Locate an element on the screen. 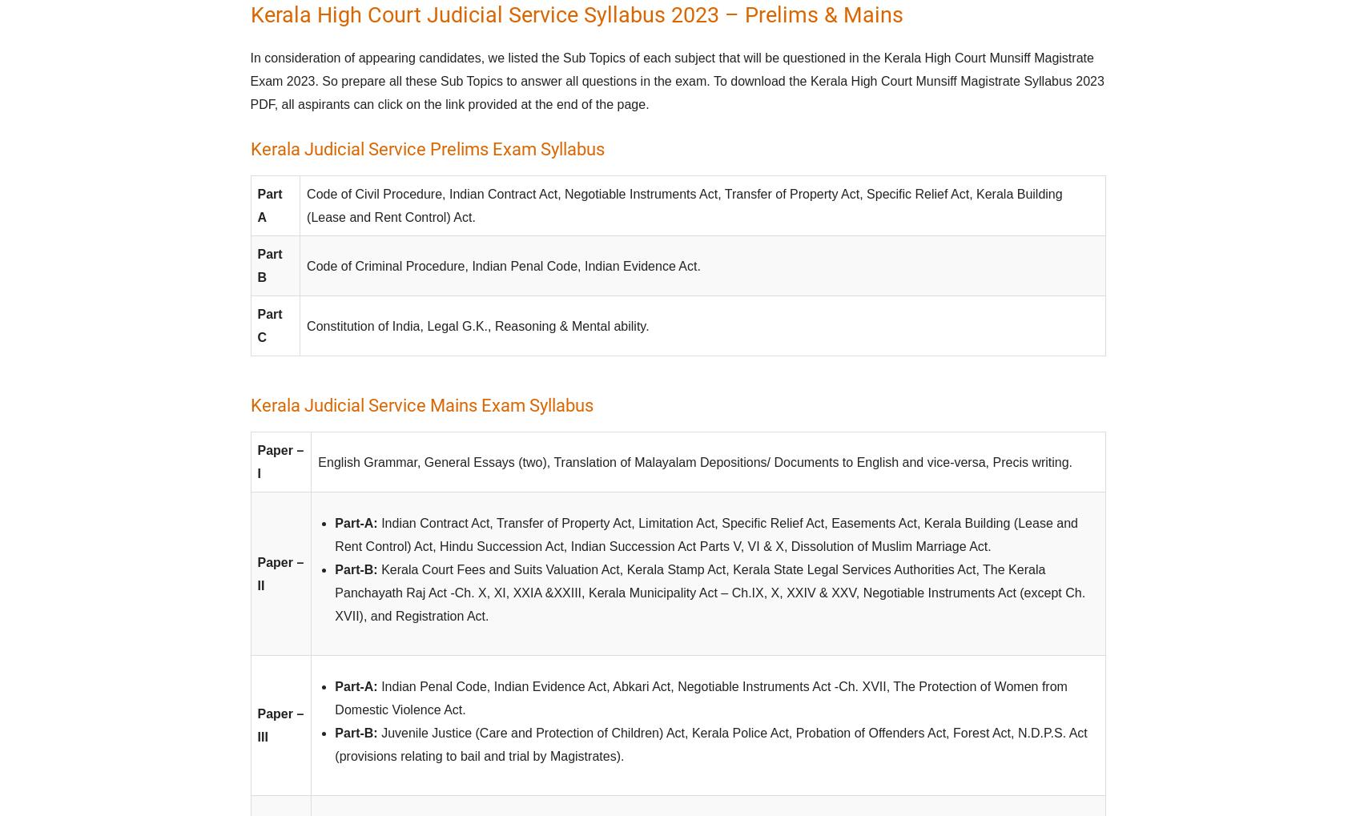 This screenshot has height=816, width=1356. 'Paper – III' is located at coordinates (280, 725).